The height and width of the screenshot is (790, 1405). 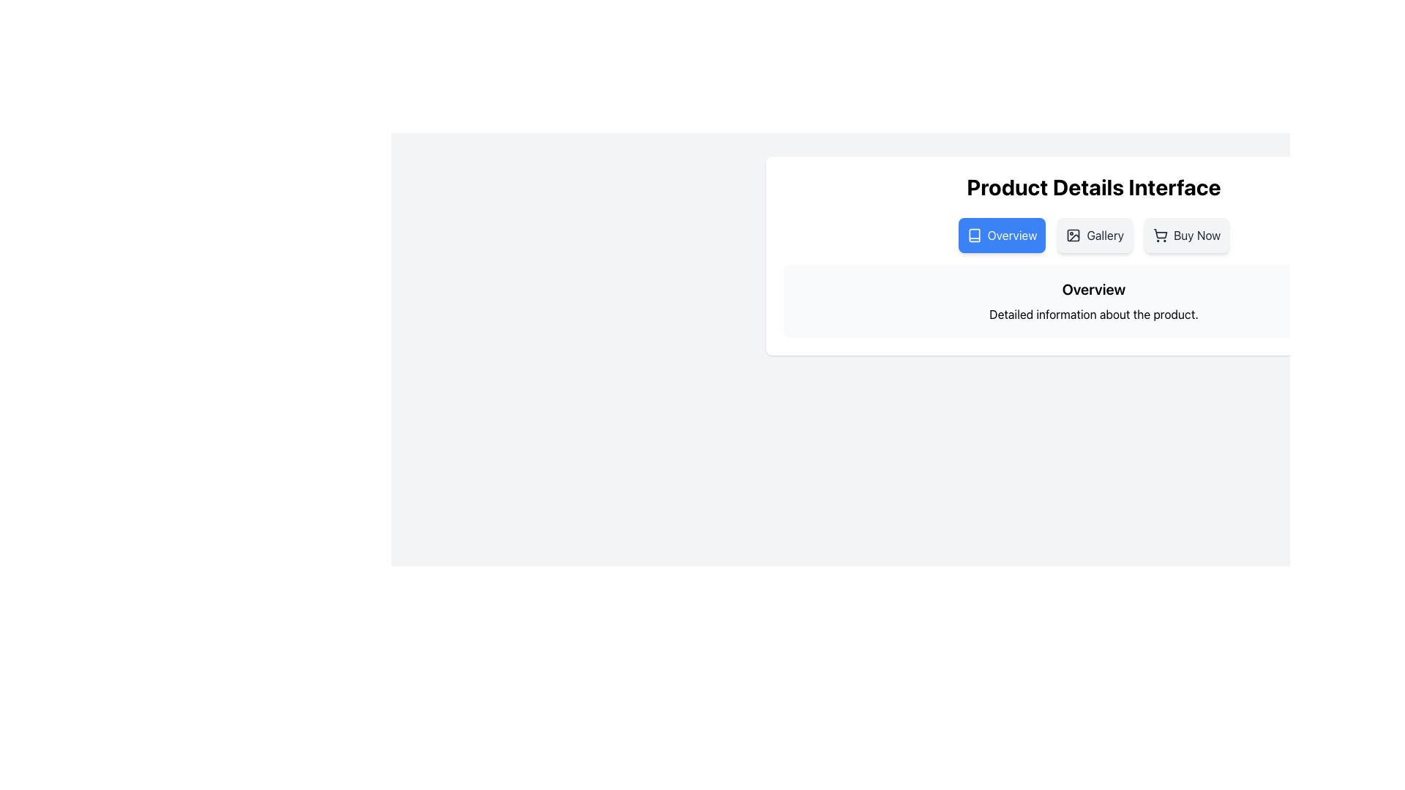 I want to click on the shopping cart icon which is the first graphical element in the 'Buy Now' button group located to the left of the button, so click(x=1160, y=234).